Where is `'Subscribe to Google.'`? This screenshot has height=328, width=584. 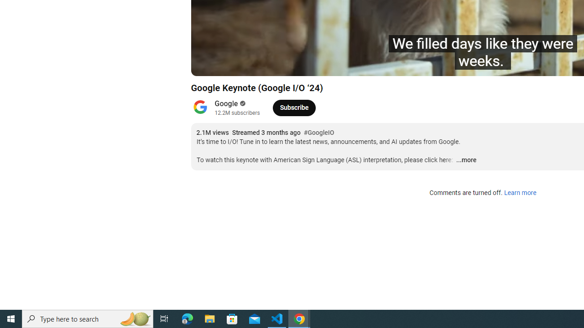
'Subscribe to Google.' is located at coordinates (294, 107).